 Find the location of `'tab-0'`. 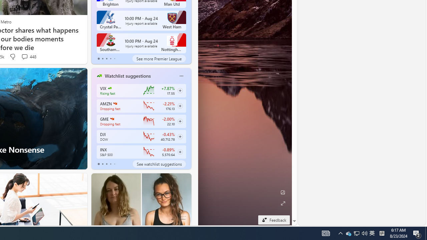

'tab-0' is located at coordinates (98, 164).